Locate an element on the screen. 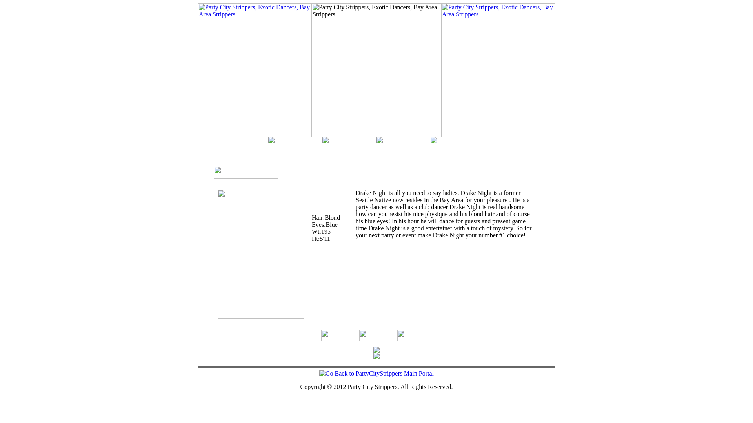 This screenshot has width=753, height=423. 'Party City Strippers, Exotic Dancers, Bay Area Strippers' is located at coordinates (498, 69).